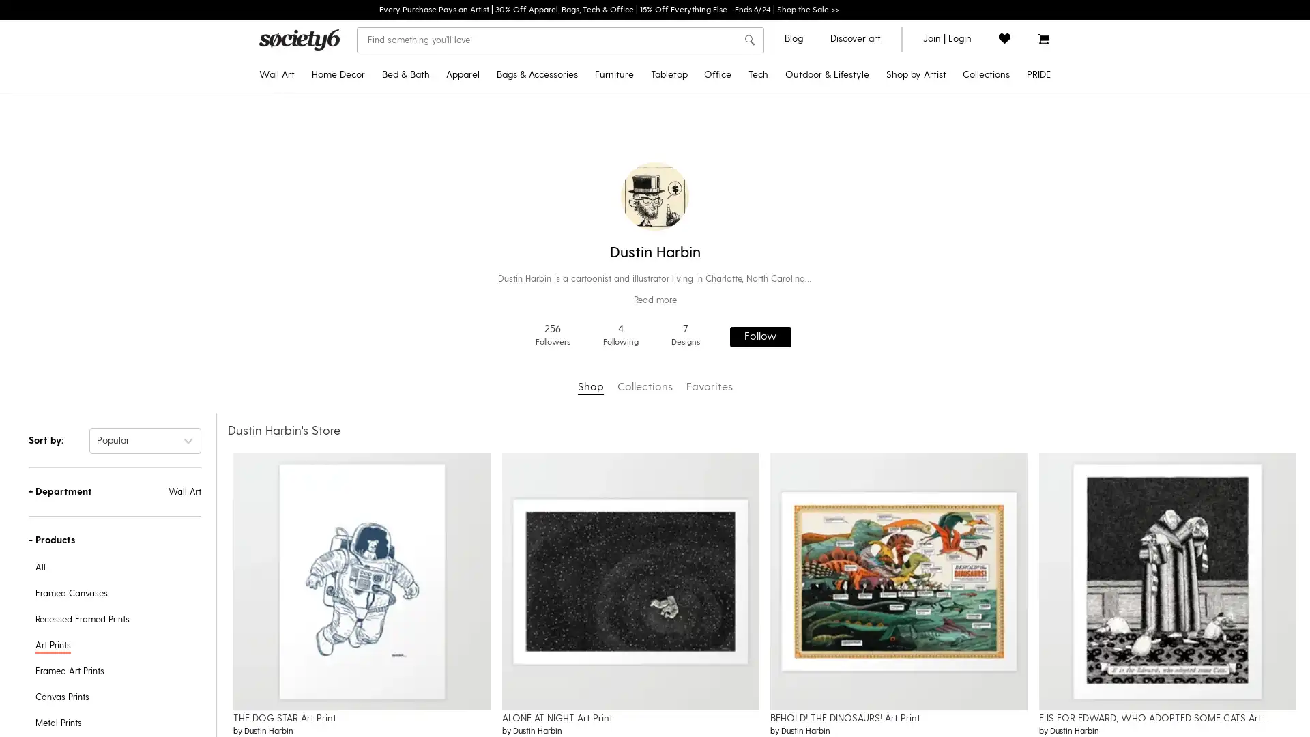 This screenshot has width=1310, height=737. What do you see at coordinates (759, 336) in the screenshot?
I see `Follow` at bounding box center [759, 336].